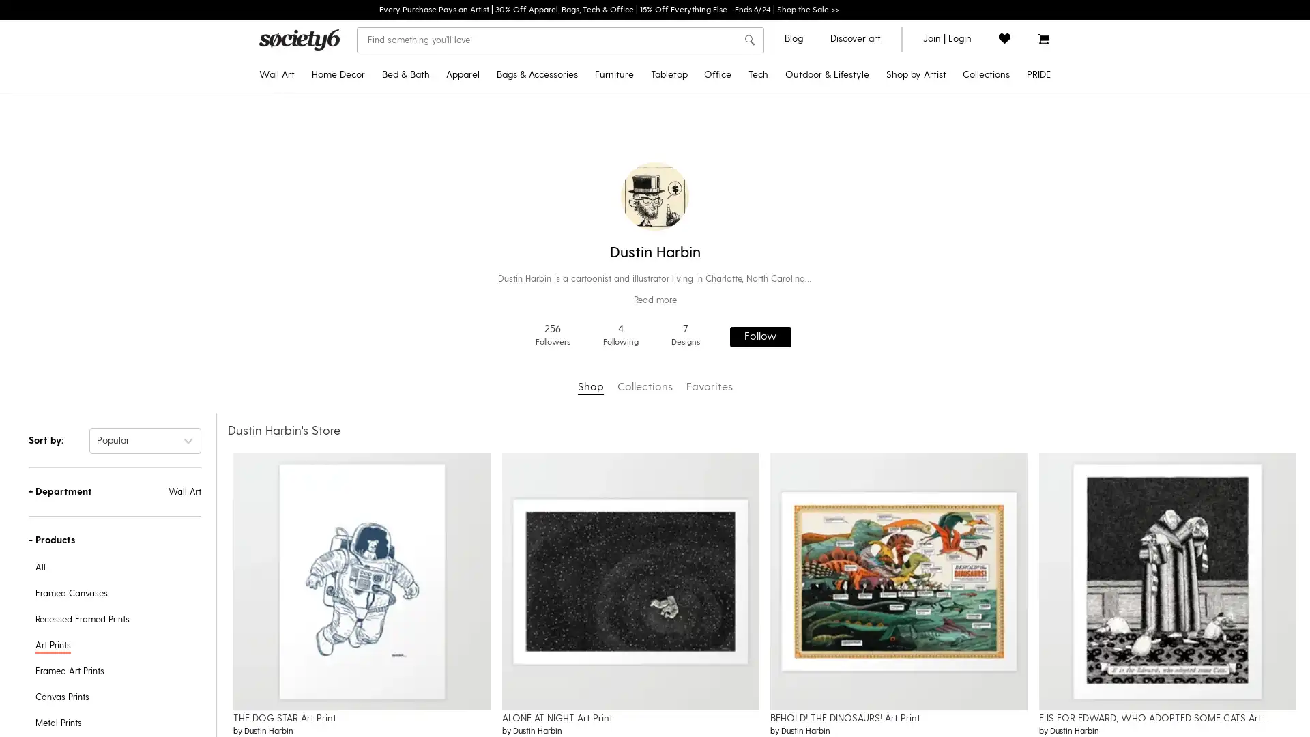 This screenshot has width=1310, height=737. What do you see at coordinates (759, 336) in the screenshot?
I see `Follow` at bounding box center [759, 336].